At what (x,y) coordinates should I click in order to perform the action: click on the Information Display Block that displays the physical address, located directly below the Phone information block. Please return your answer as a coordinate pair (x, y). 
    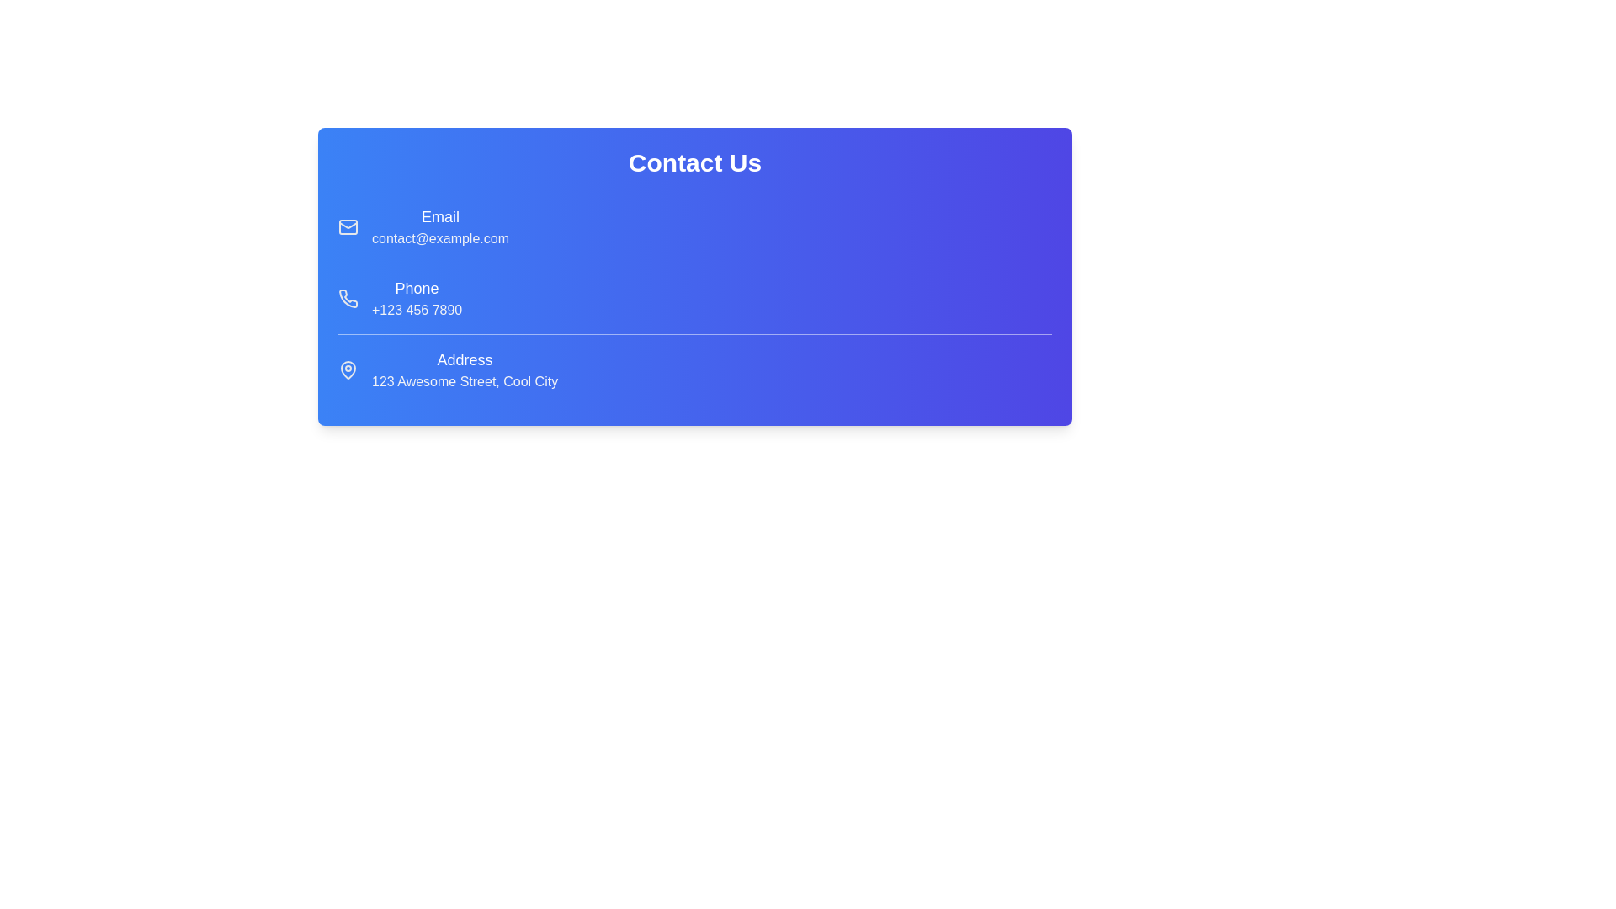
    Looking at the image, I should click on (694, 369).